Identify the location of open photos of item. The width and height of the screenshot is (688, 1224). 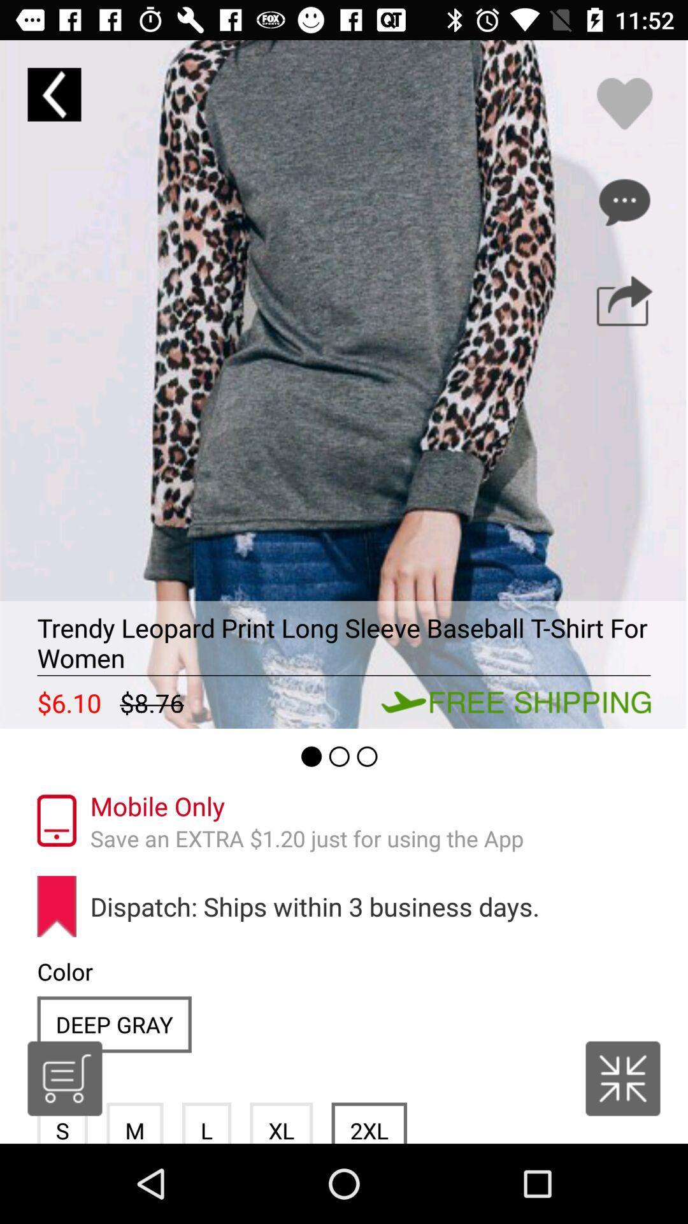
(344, 384).